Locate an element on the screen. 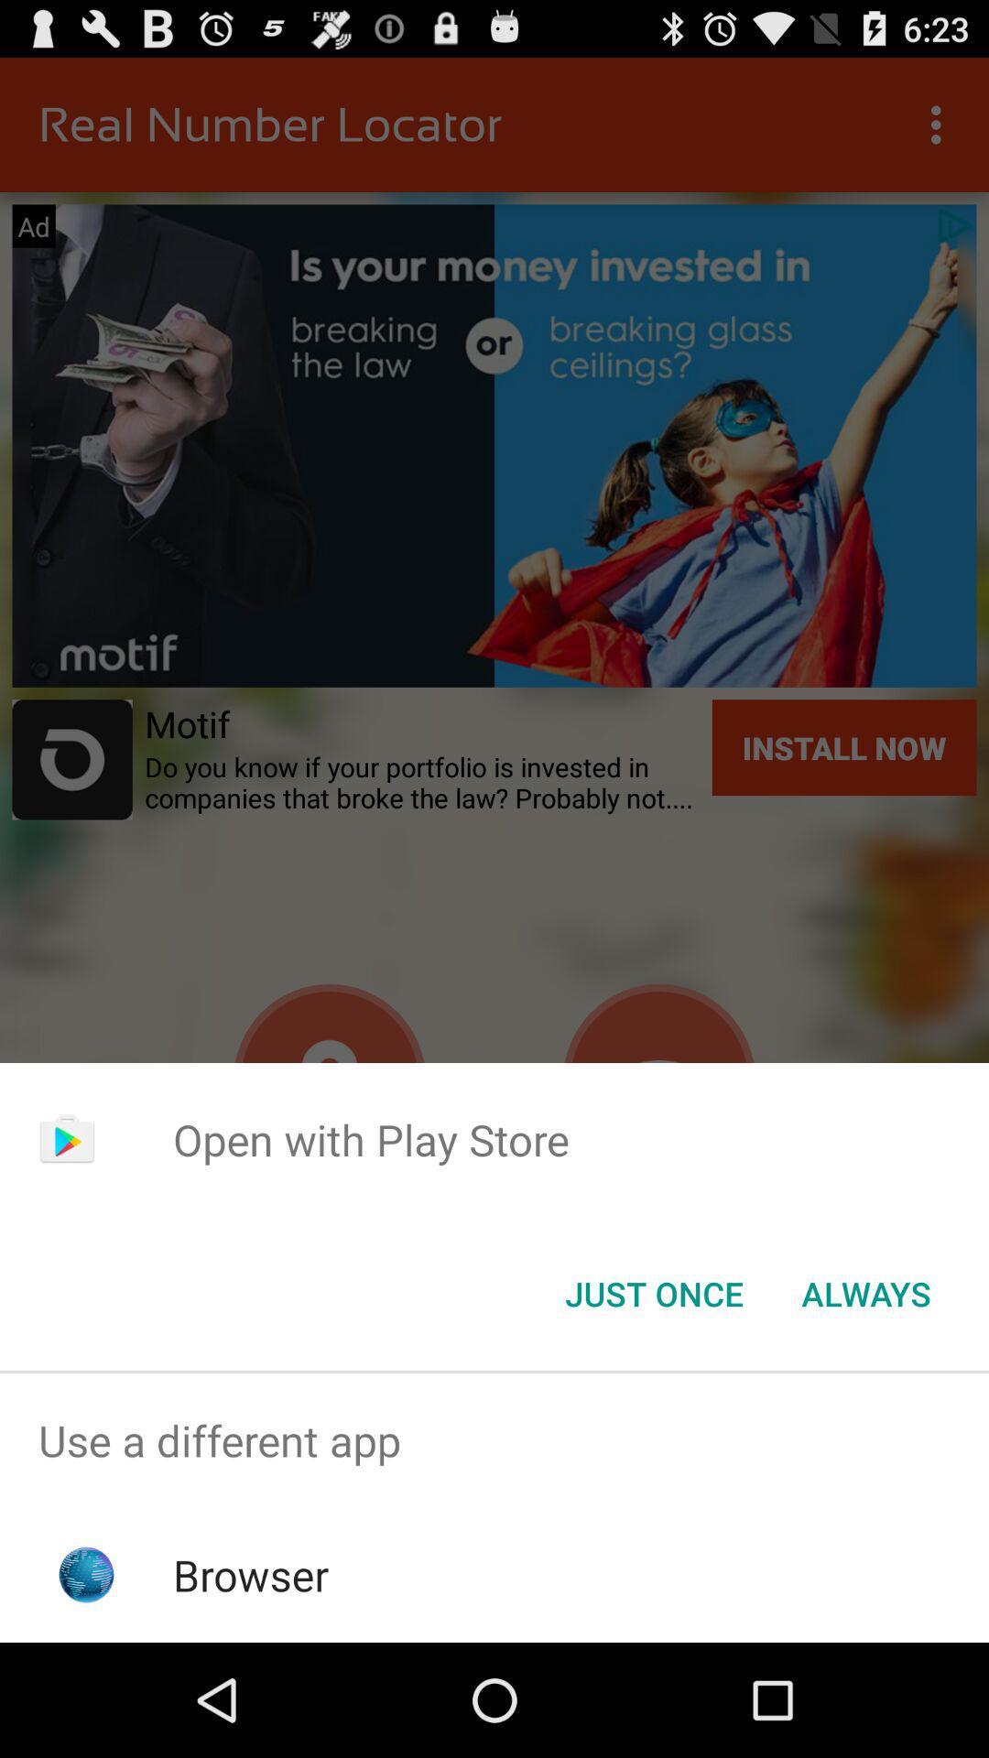  the always button is located at coordinates (865, 1292).